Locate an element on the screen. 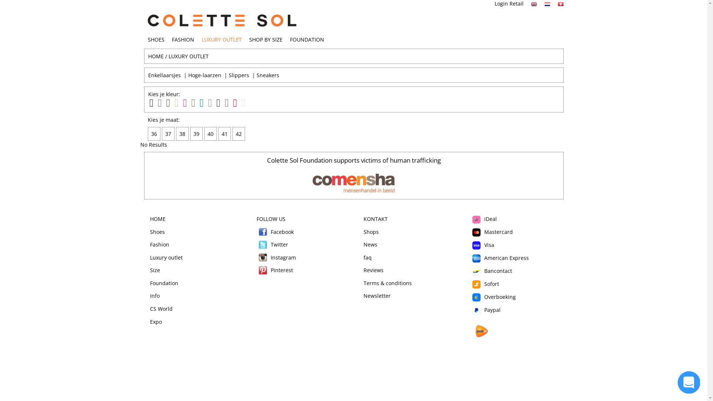 This screenshot has width=713, height=401. 'LUXURY OUTLET' is located at coordinates (221, 39).